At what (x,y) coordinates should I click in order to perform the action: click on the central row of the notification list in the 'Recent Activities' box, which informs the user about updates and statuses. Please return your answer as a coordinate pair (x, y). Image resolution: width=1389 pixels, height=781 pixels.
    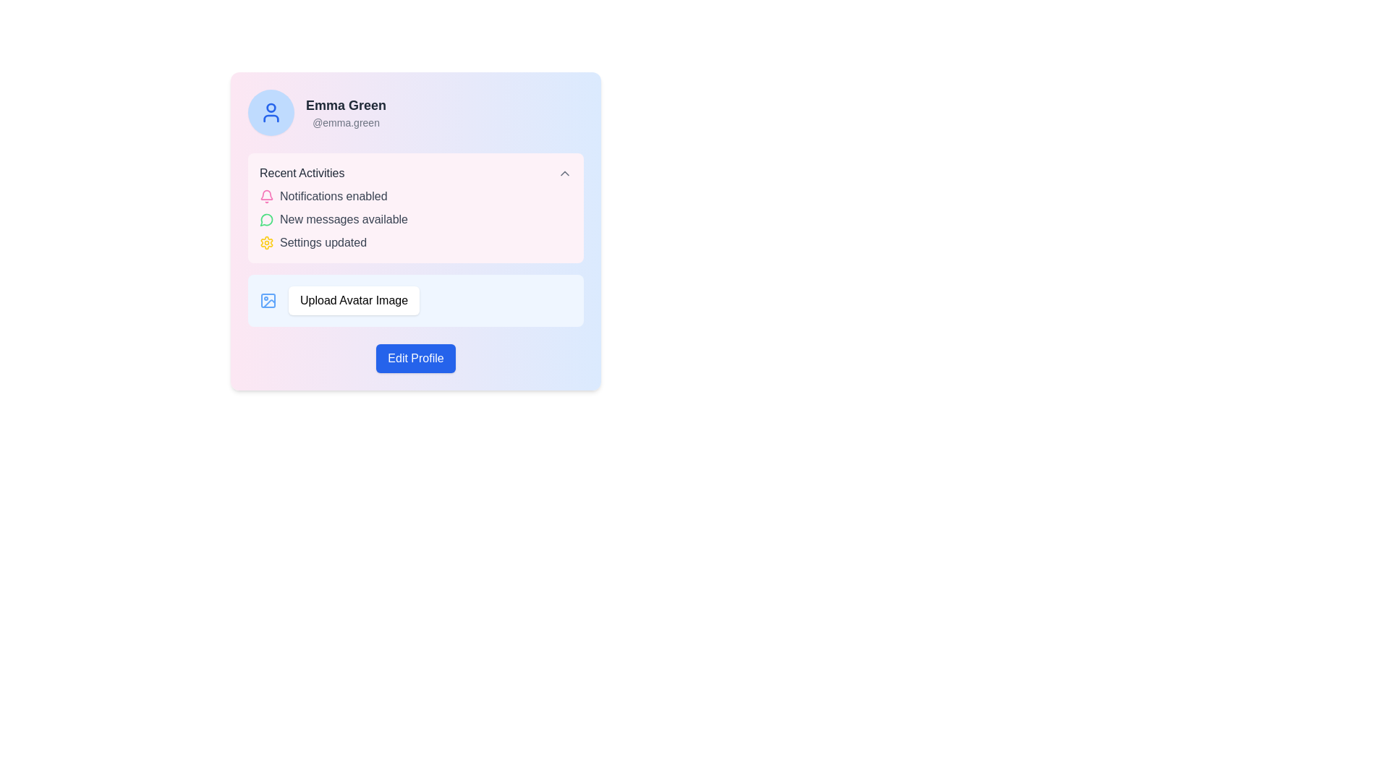
    Looking at the image, I should click on (415, 220).